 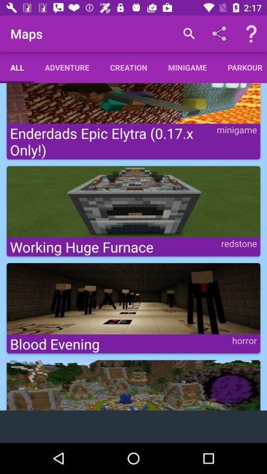 I want to click on adventure icon, so click(x=67, y=67).